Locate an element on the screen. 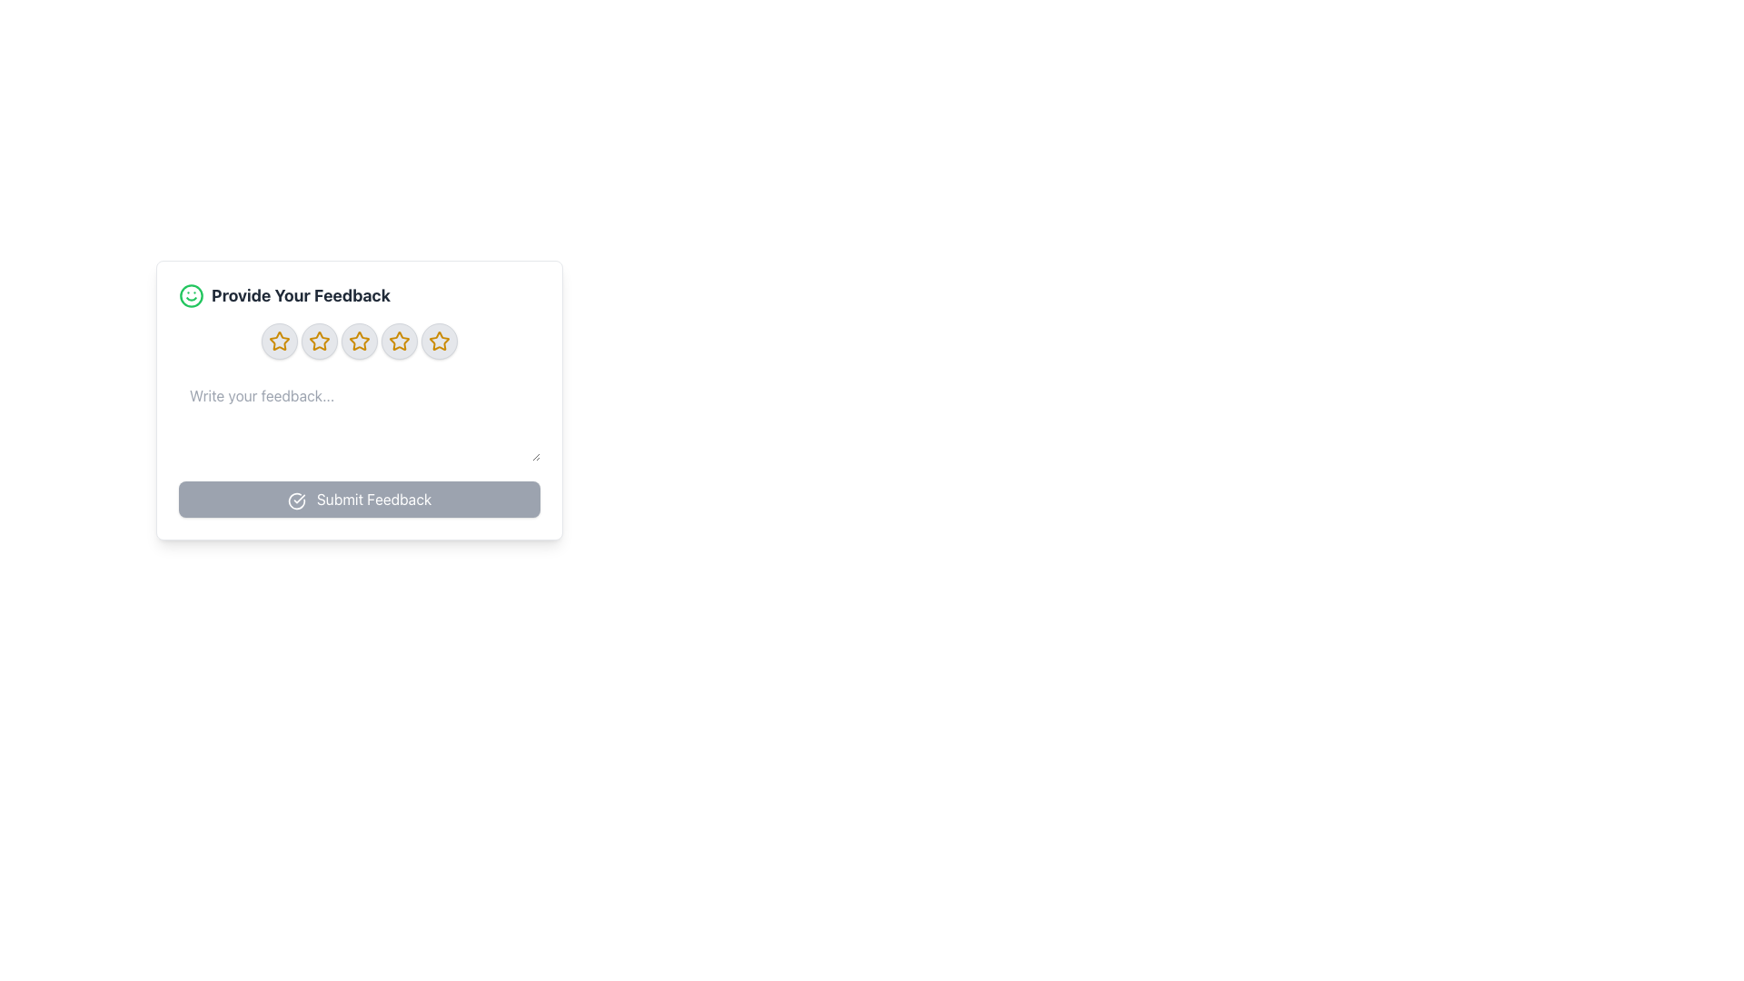  the first star icon in the horizontal rating bar, which has a hollow design and a golden-yellow border is located at coordinates (278, 341).